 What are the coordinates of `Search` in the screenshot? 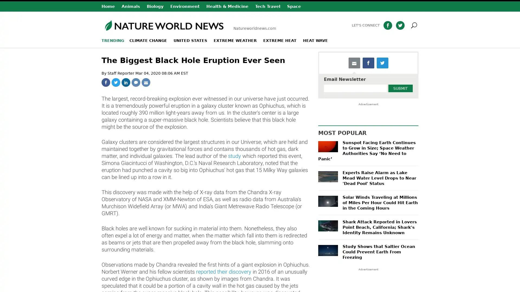 It's located at (422, 25).